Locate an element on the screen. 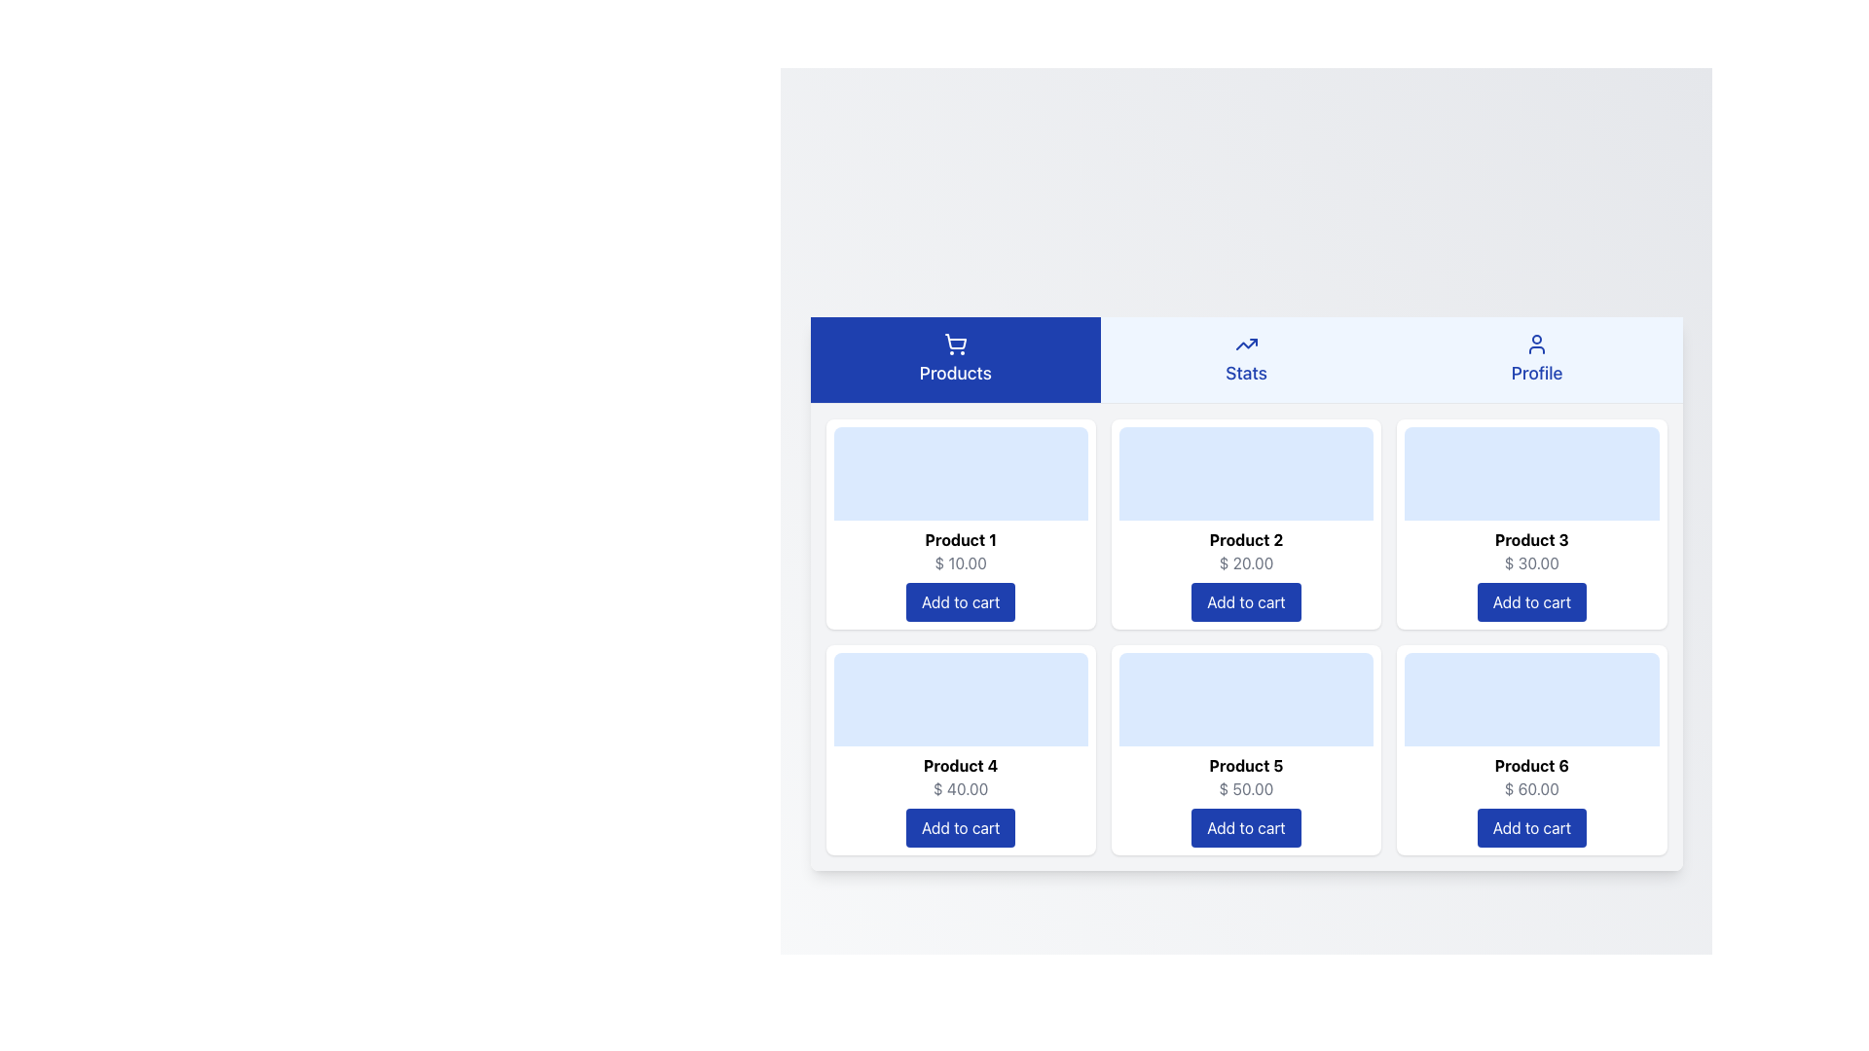 The height and width of the screenshot is (1051, 1869). the product title text label located in the first item card of the grid layout, positioned between a light blue rectangular area and the price label ('$ 10.00') is located at coordinates (961, 539).